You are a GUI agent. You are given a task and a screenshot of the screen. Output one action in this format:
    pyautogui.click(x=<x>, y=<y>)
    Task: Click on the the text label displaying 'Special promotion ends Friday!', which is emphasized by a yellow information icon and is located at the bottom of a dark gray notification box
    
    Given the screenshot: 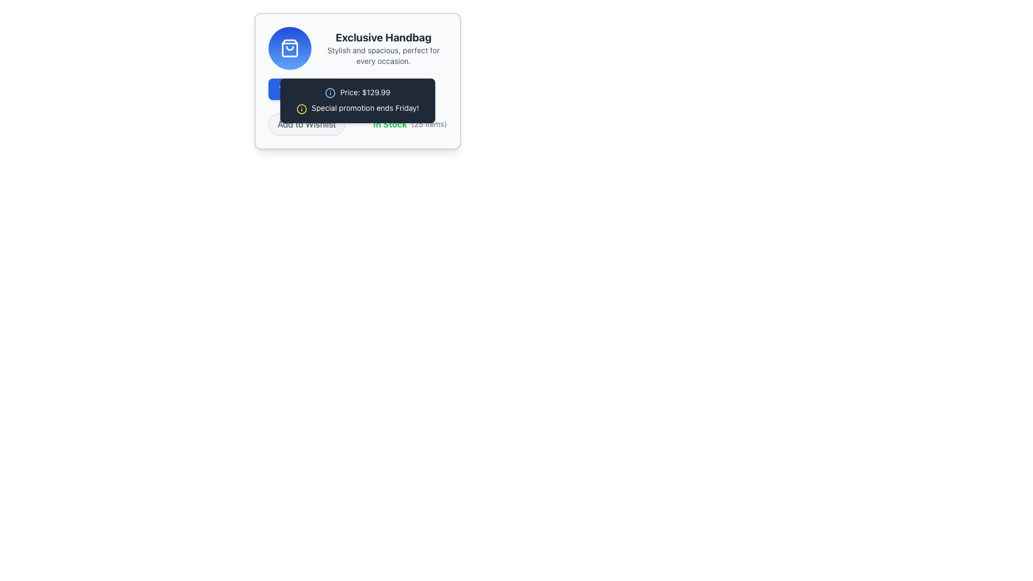 What is the action you would take?
    pyautogui.click(x=358, y=108)
    